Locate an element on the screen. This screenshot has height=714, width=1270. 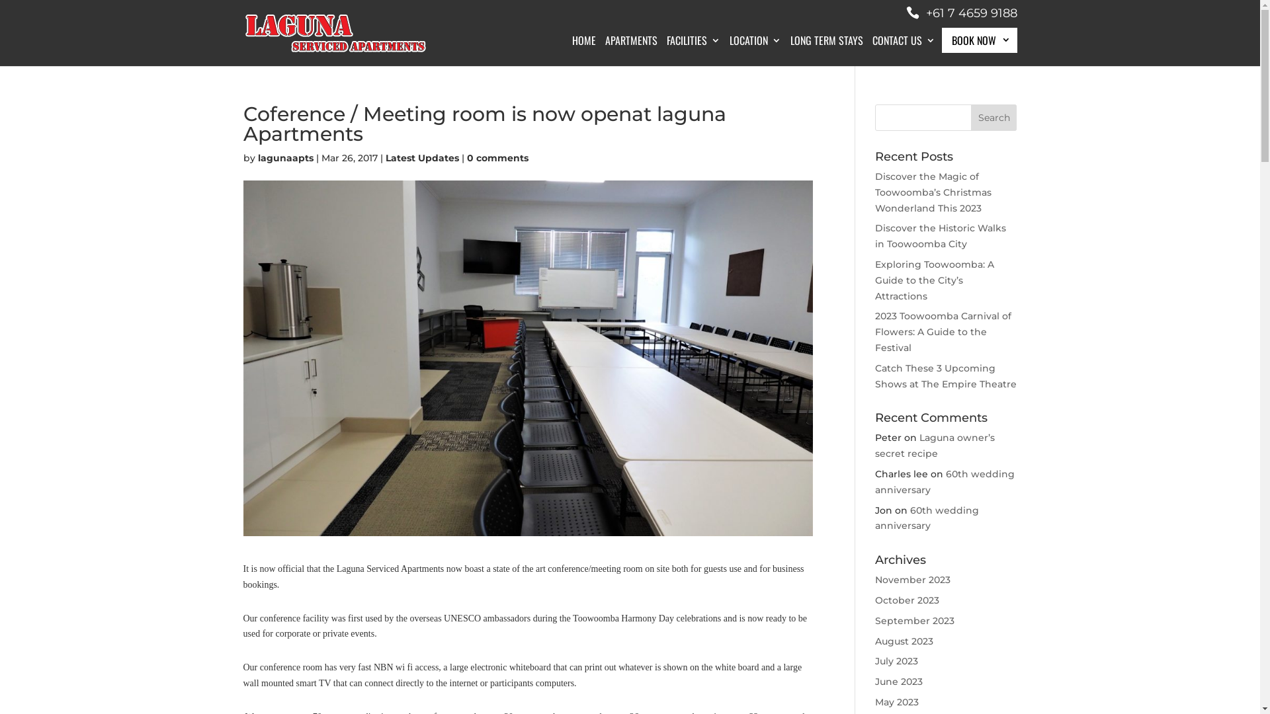
'October 2023' is located at coordinates (875, 600).